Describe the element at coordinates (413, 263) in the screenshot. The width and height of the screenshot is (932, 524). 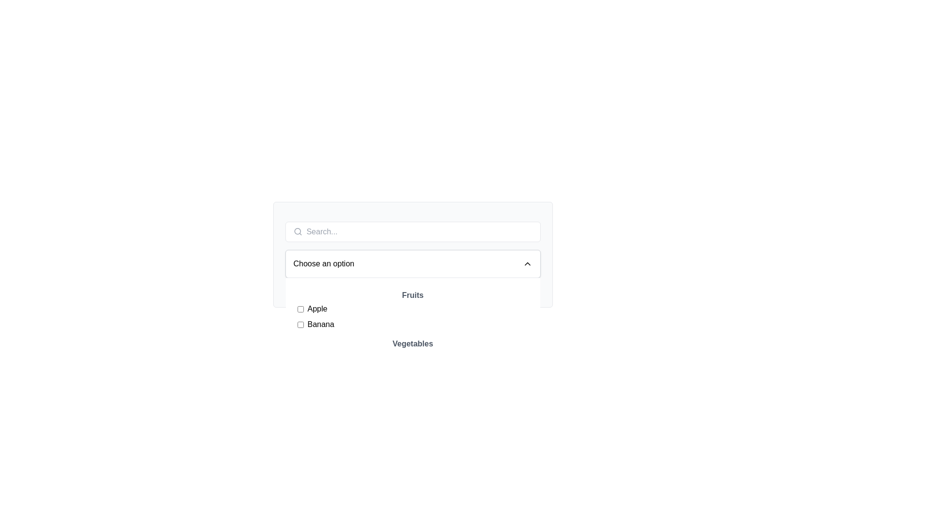
I see `the Dropdown menu located below the search bar and above the 'Fruits' and 'Vegetables' categories by tabbing to it` at that location.